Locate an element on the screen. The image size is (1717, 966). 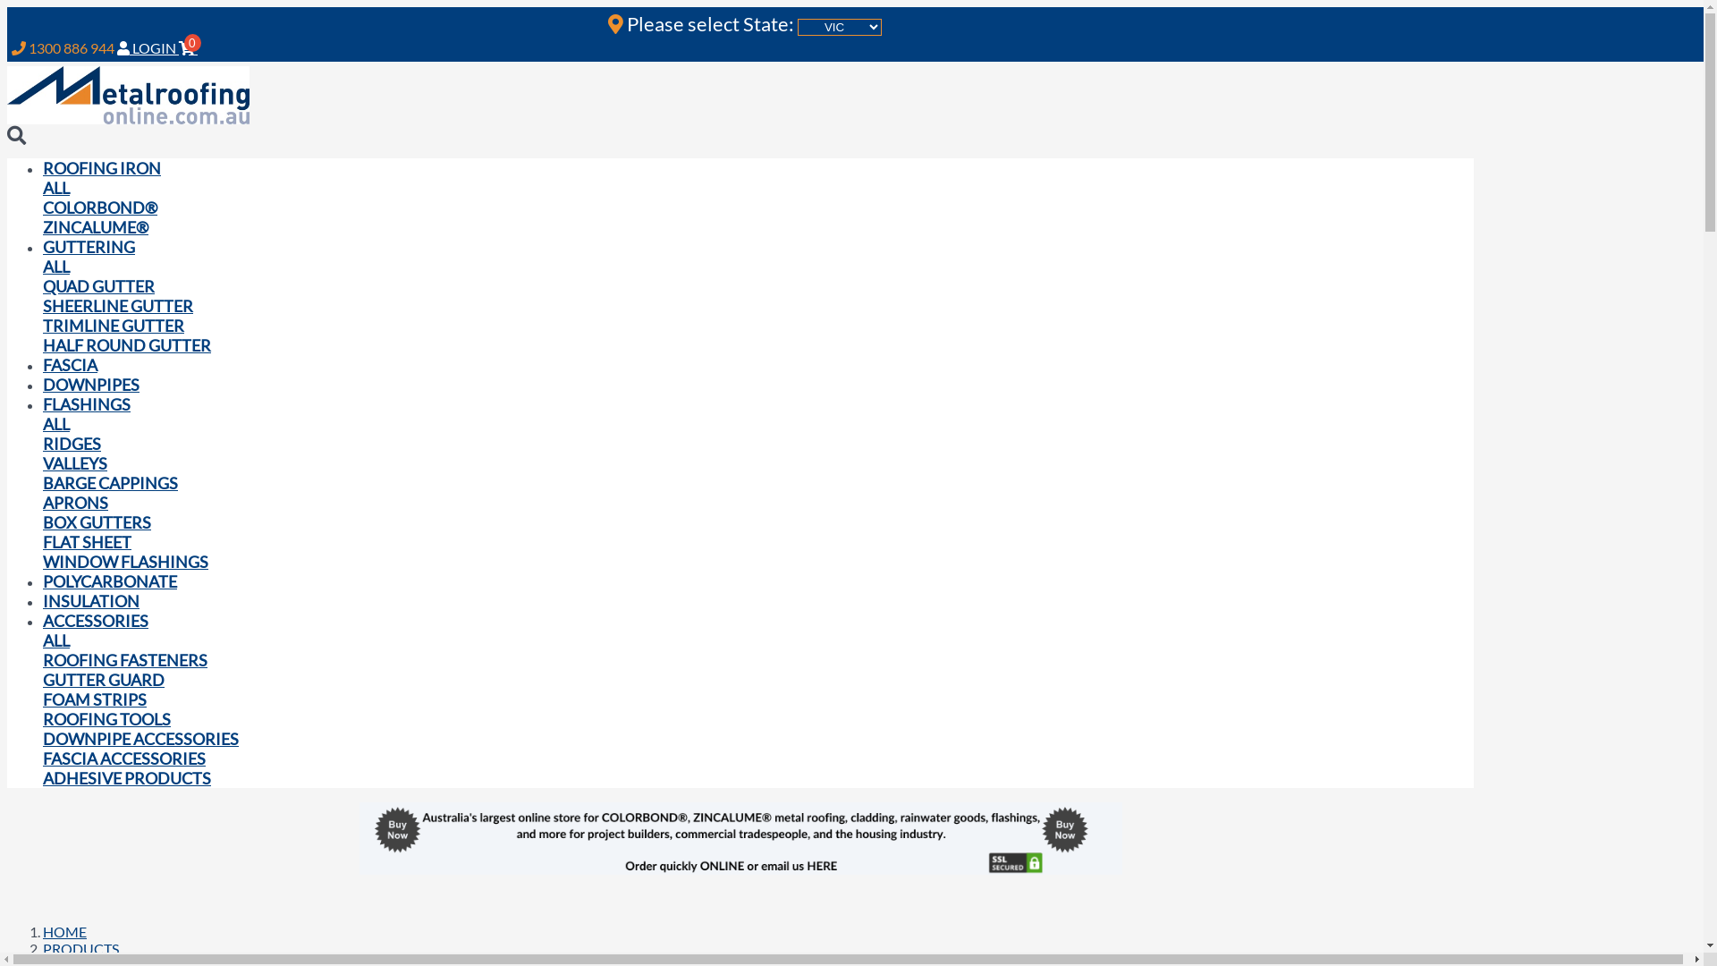
'ROOFING FASTENERS' is located at coordinates (123, 659).